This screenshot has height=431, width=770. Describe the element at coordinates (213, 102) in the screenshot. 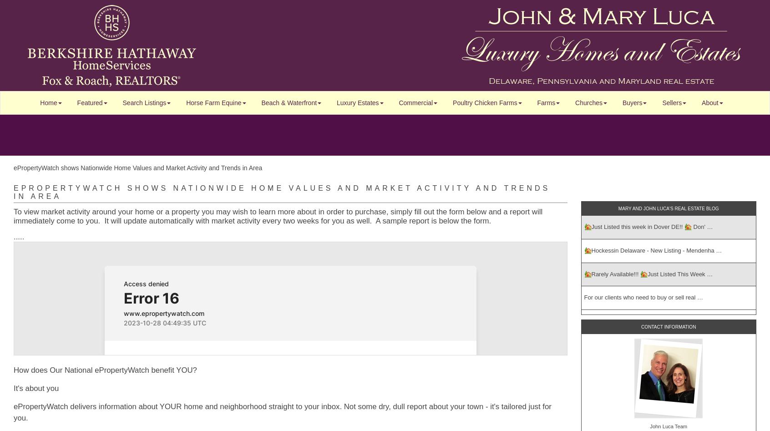

I see `'Horse Farm Equine'` at that location.